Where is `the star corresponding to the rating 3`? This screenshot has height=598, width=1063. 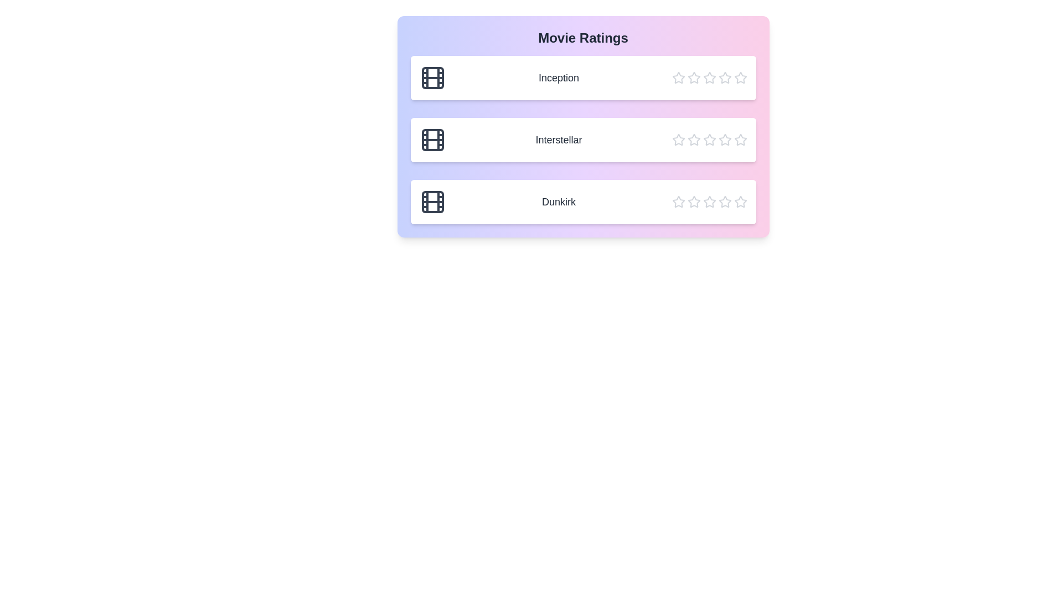
the star corresponding to the rating 3 is located at coordinates (709, 78).